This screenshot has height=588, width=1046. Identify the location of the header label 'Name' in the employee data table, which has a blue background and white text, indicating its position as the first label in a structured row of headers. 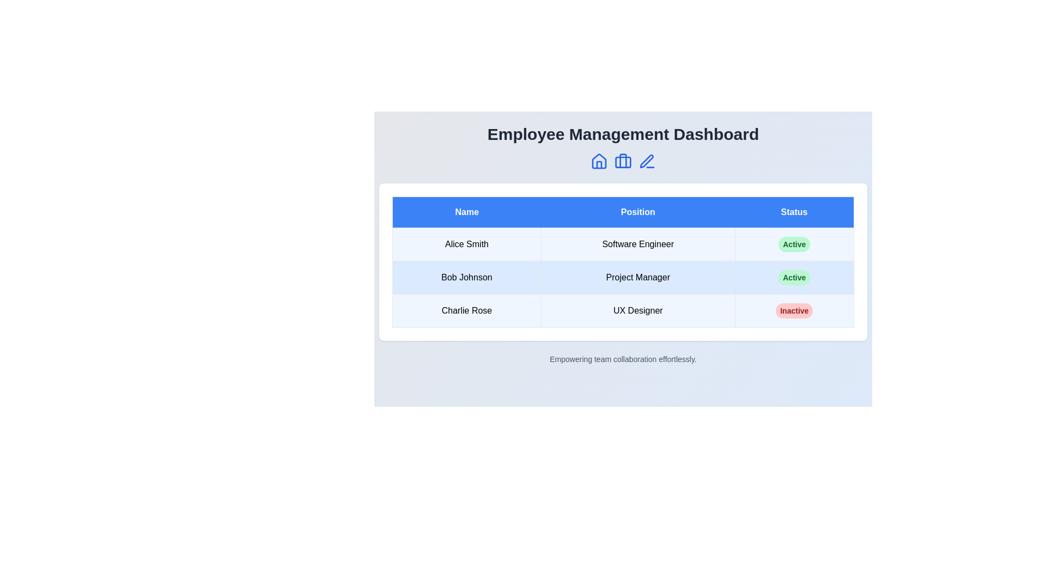
(466, 212).